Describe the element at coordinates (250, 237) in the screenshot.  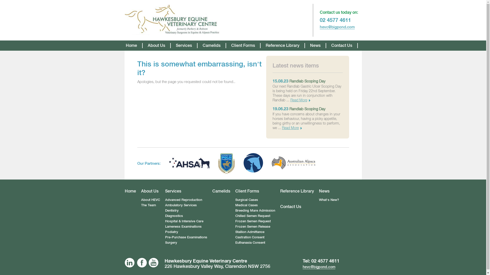
I see `'Castration Consent'` at that location.